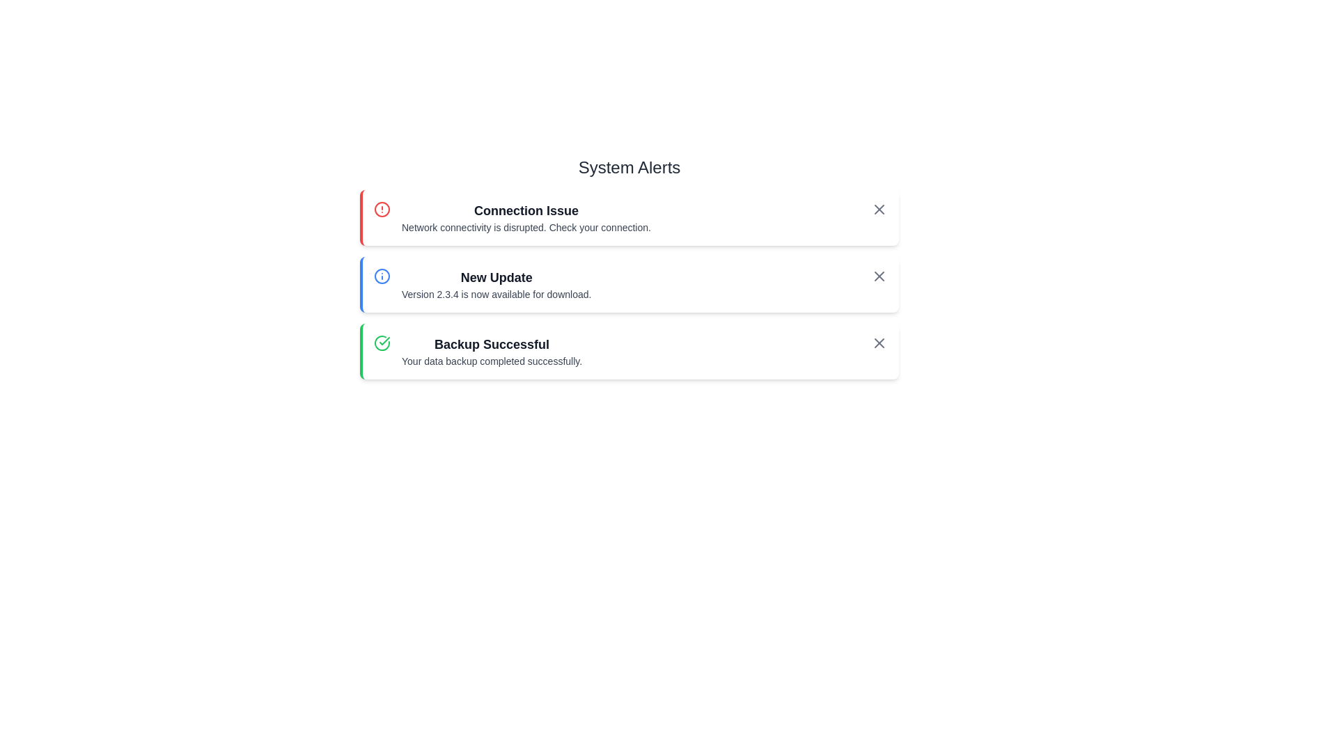 This screenshot has width=1337, height=752. I want to click on the circular SVG element with a blue outline that represents an information symbol, so click(382, 276).